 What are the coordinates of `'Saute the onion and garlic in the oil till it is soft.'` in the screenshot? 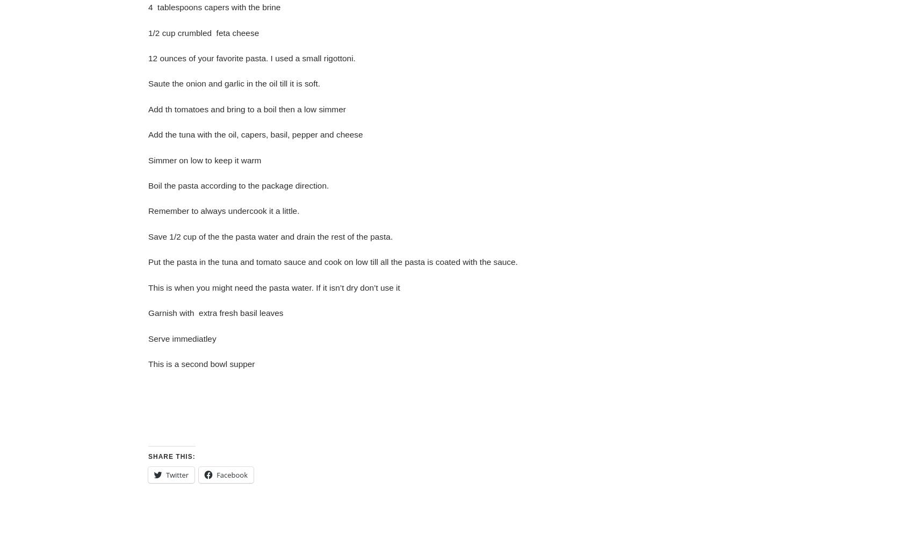 It's located at (148, 83).